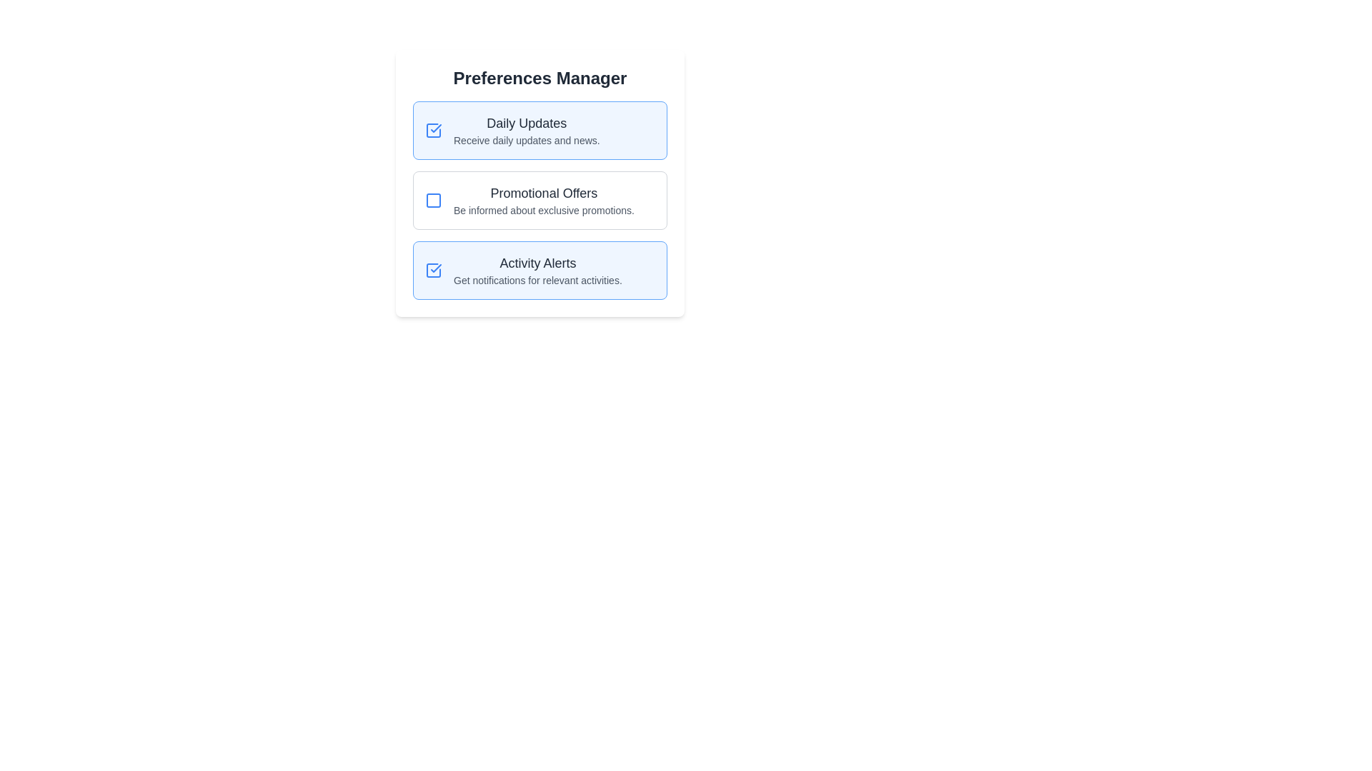 The height and width of the screenshot is (771, 1372). What do you see at coordinates (543, 193) in the screenshot?
I see `the 'Promotional Offers' text label element, which is a medium-sized, bold, gray-colored header in the preferences management interface` at bounding box center [543, 193].